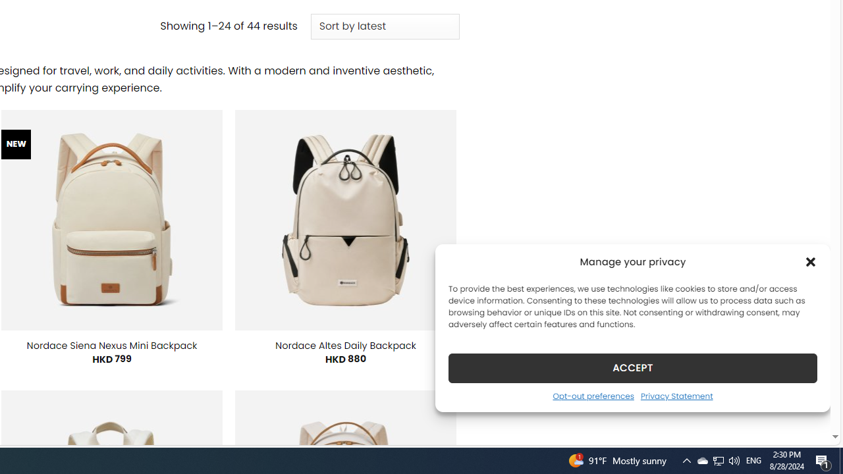 This screenshot has height=474, width=843. I want to click on 'Nordace Siena Nexus Mini Backpack', so click(111, 344).